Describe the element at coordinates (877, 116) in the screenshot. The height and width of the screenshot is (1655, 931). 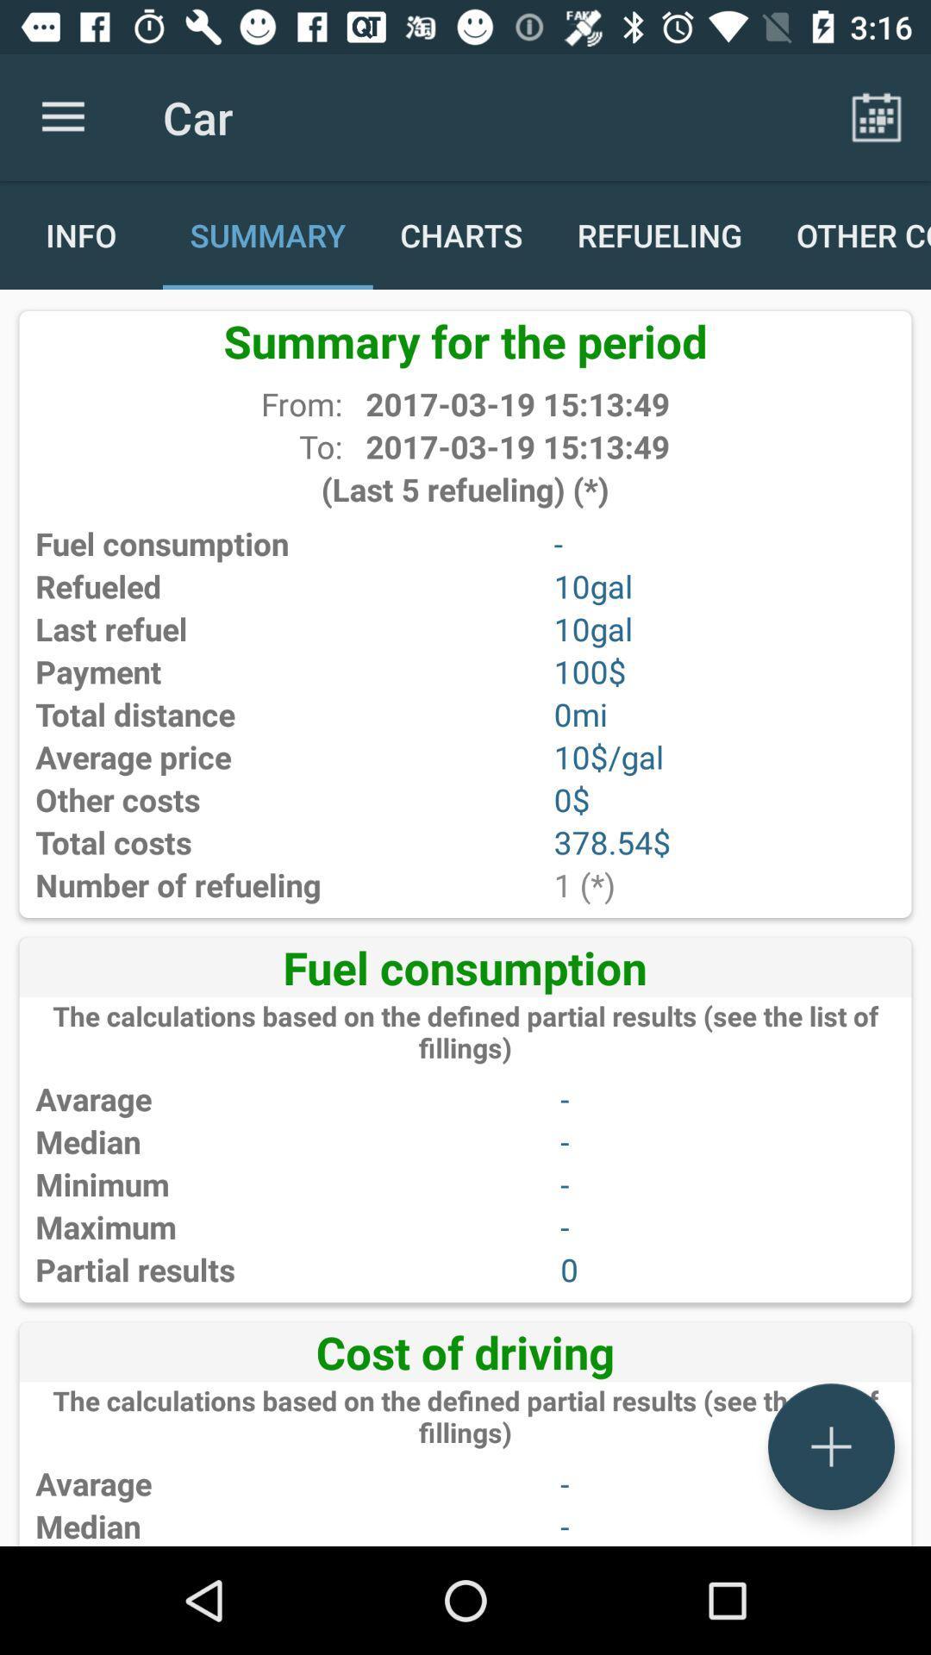
I see `the item next to car app` at that location.